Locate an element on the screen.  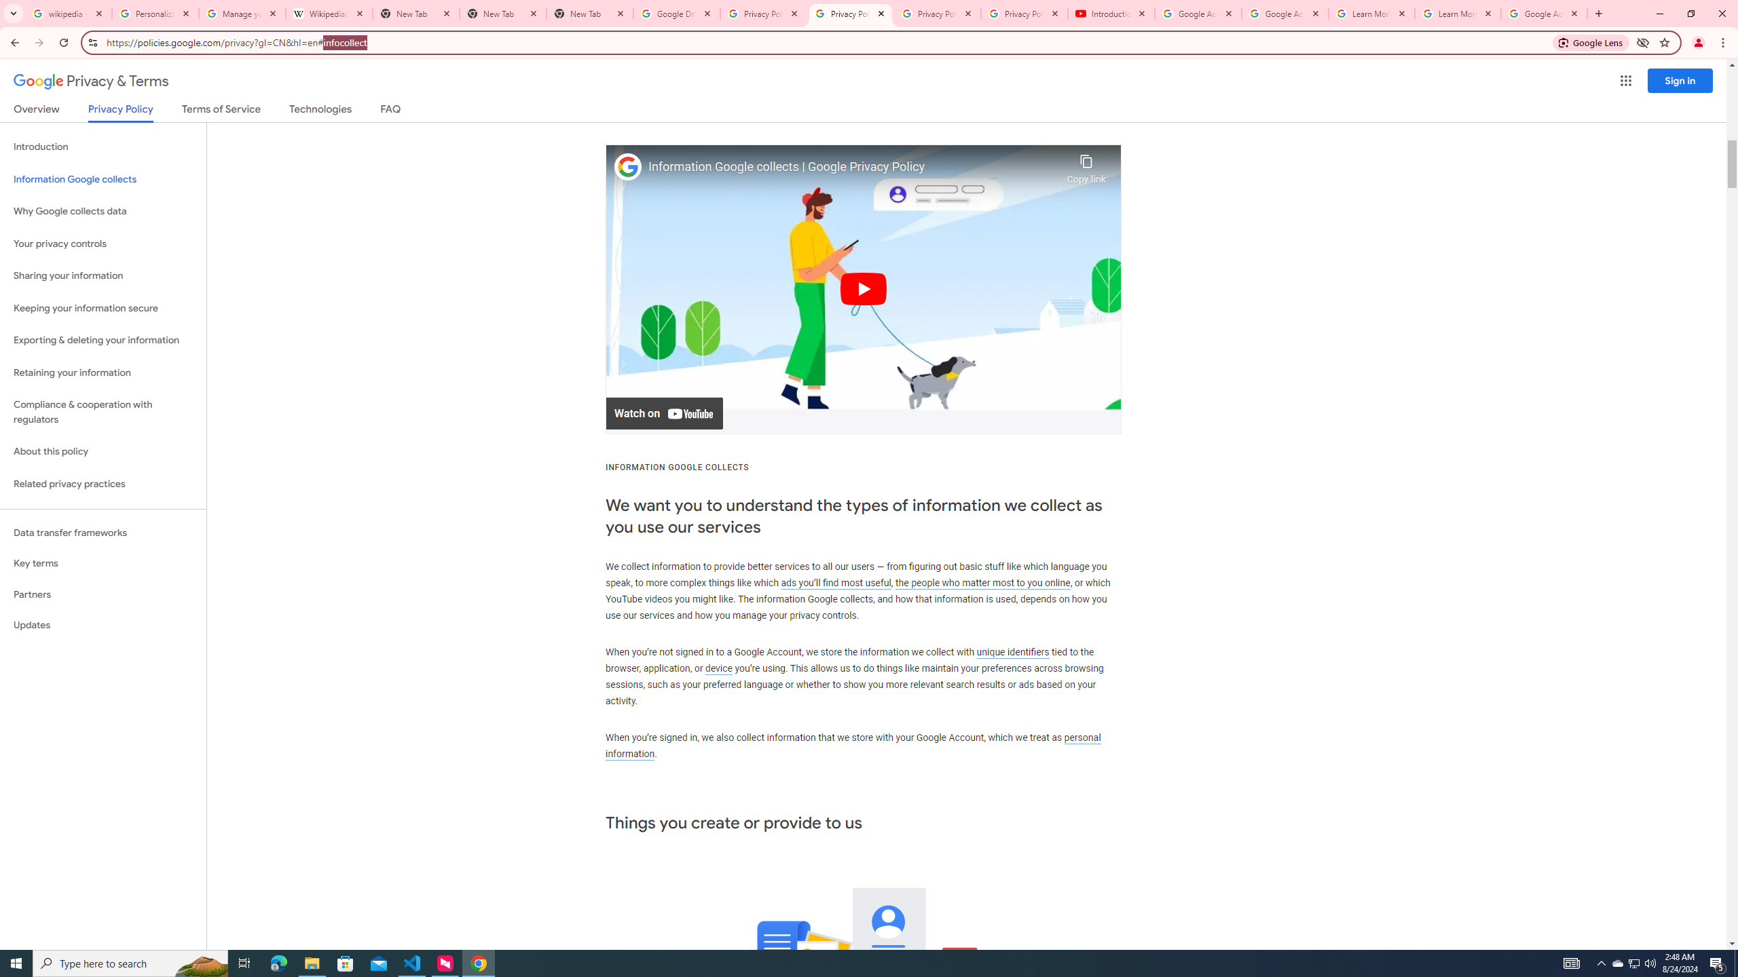
'Google Account' is located at coordinates (1544, 13).